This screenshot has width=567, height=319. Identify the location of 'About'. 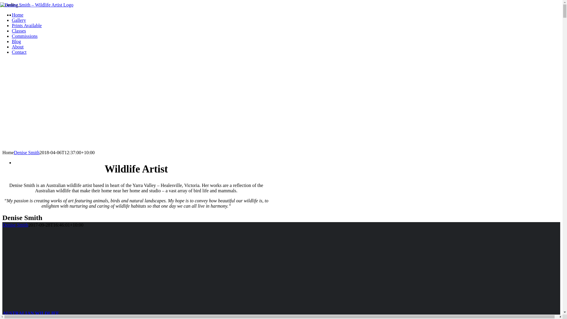
(17, 46).